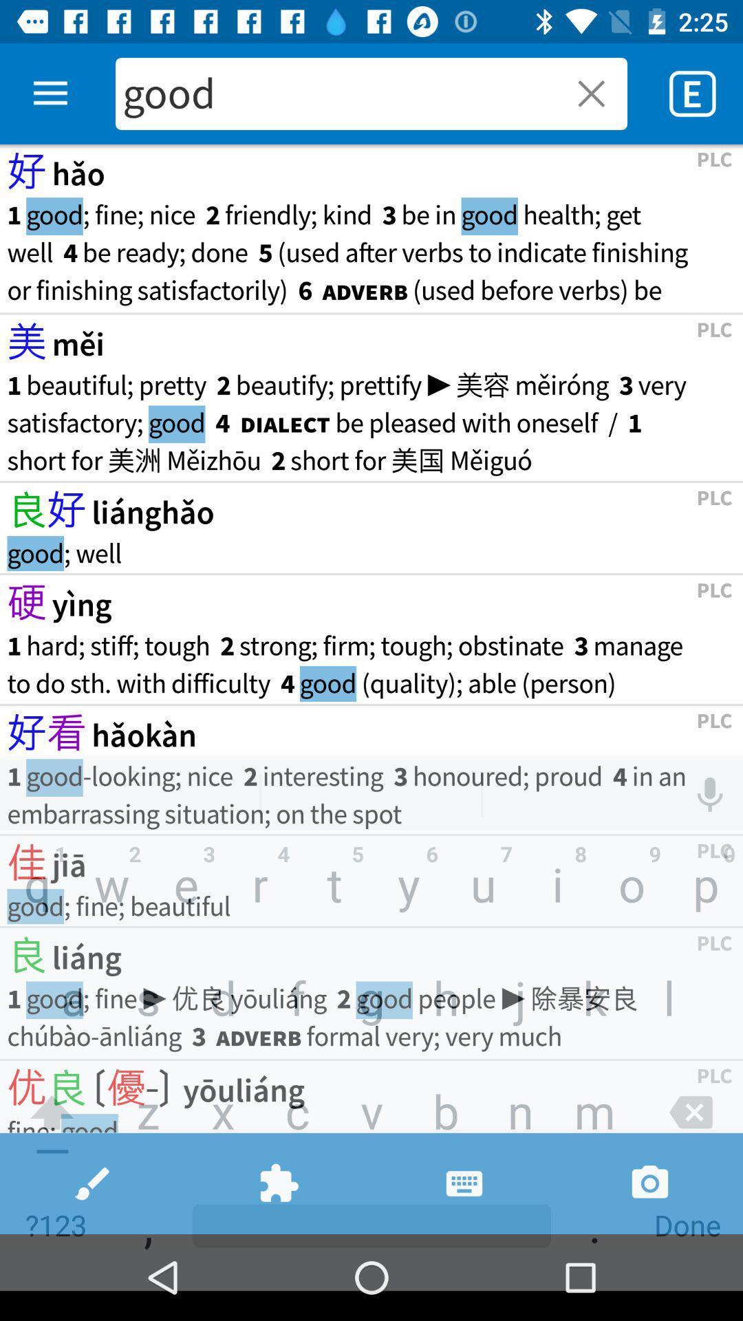 This screenshot has height=1321, width=743. What do you see at coordinates (583, 93) in the screenshot?
I see `icon on the right side of good` at bounding box center [583, 93].